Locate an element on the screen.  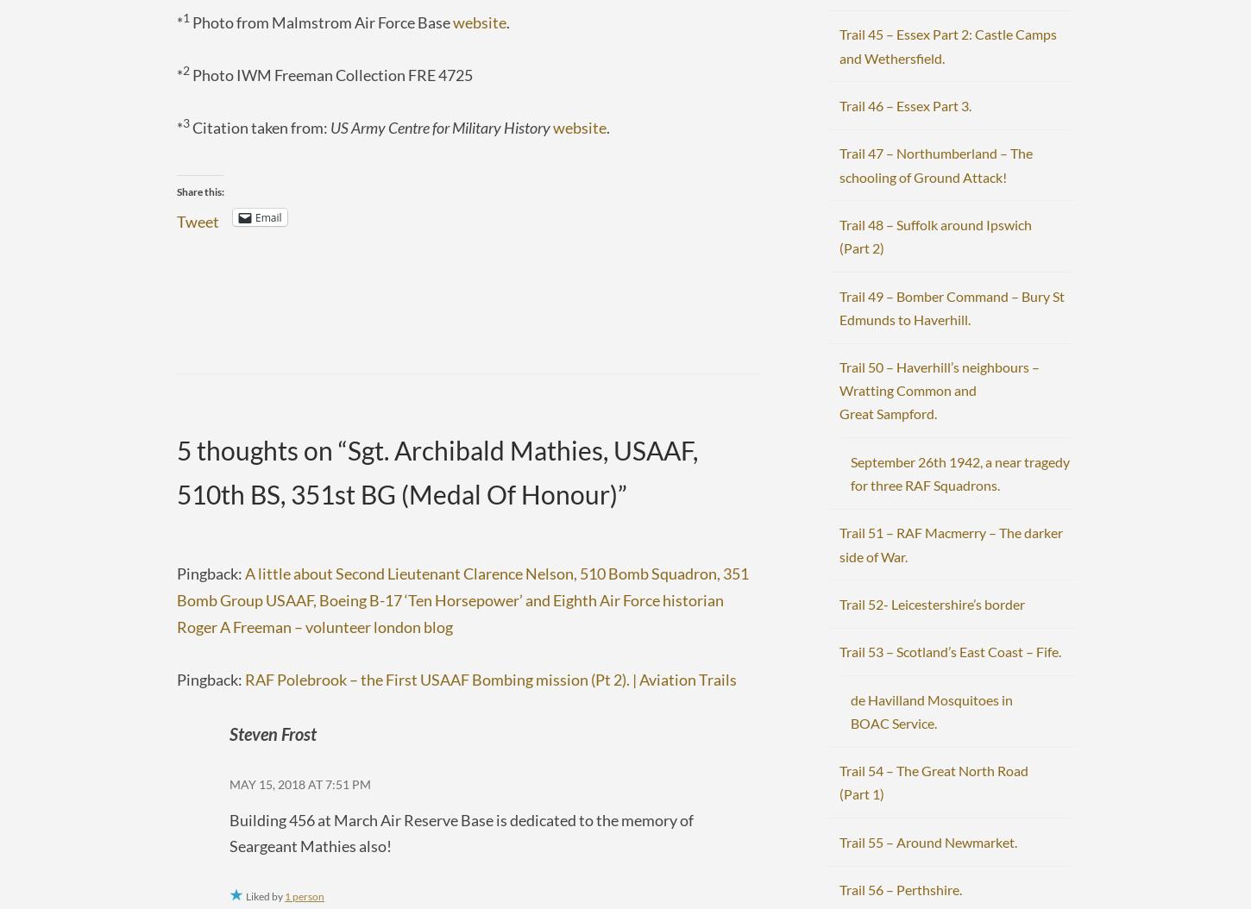
'5 thoughts on “' is located at coordinates (262, 449).